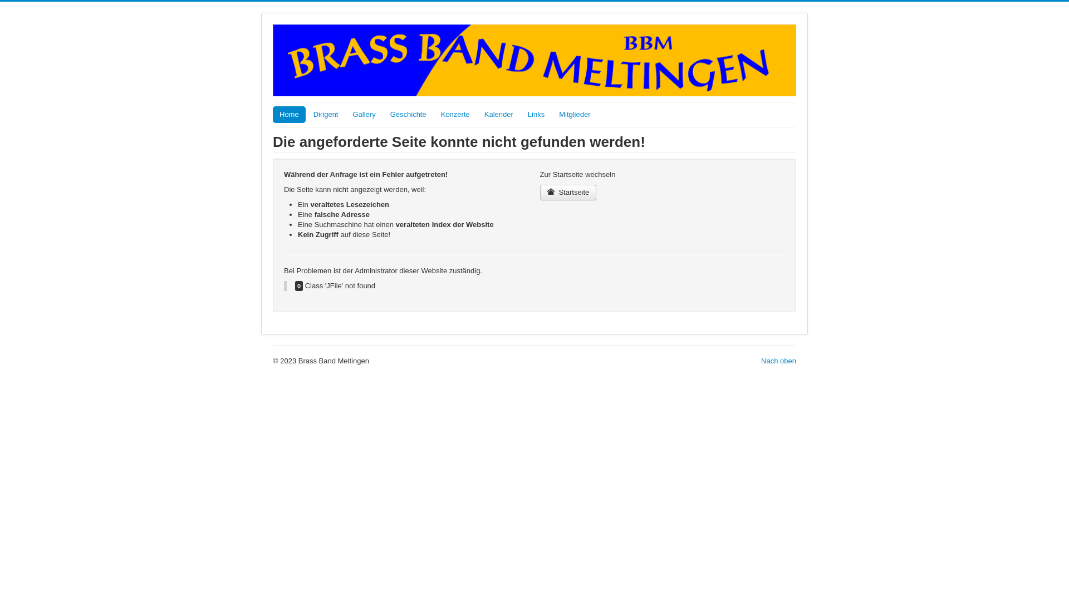 Image resolution: width=1069 pixels, height=601 pixels. I want to click on 'Startseite', so click(568, 192).